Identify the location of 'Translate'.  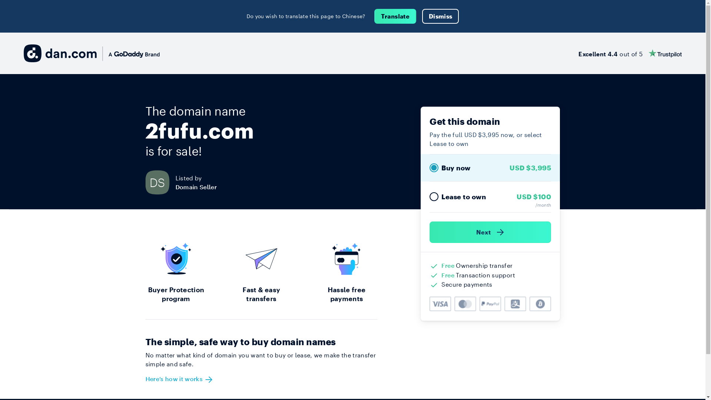
(395, 16).